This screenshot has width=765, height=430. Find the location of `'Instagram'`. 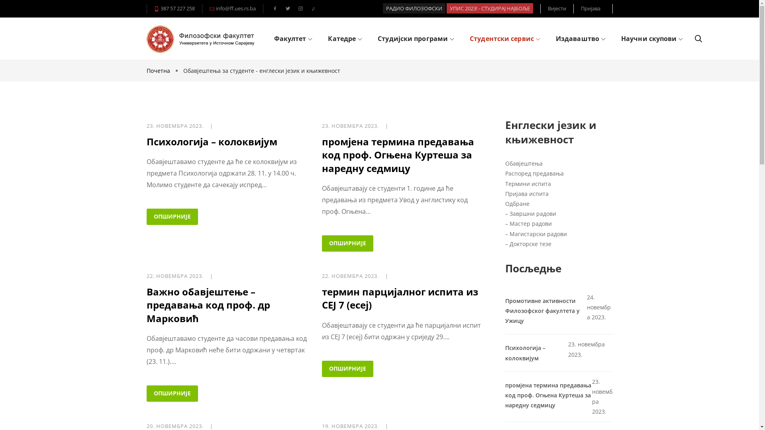

'Instagram' is located at coordinates (300, 9).